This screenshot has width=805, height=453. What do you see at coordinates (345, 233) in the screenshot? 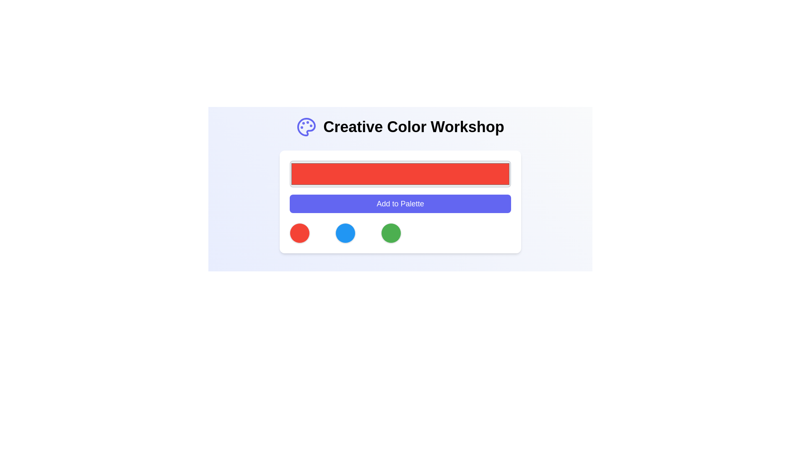
I see `the solid blue circular element located in the bottom section of the interface, which is the second circle from the left` at bounding box center [345, 233].